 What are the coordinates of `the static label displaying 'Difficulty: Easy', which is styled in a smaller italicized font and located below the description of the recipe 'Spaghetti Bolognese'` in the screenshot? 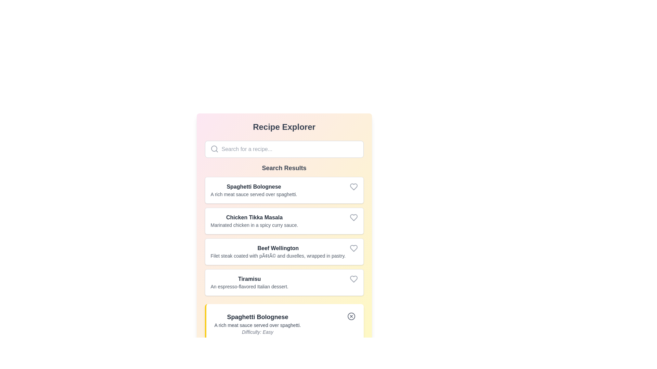 It's located at (257, 332).